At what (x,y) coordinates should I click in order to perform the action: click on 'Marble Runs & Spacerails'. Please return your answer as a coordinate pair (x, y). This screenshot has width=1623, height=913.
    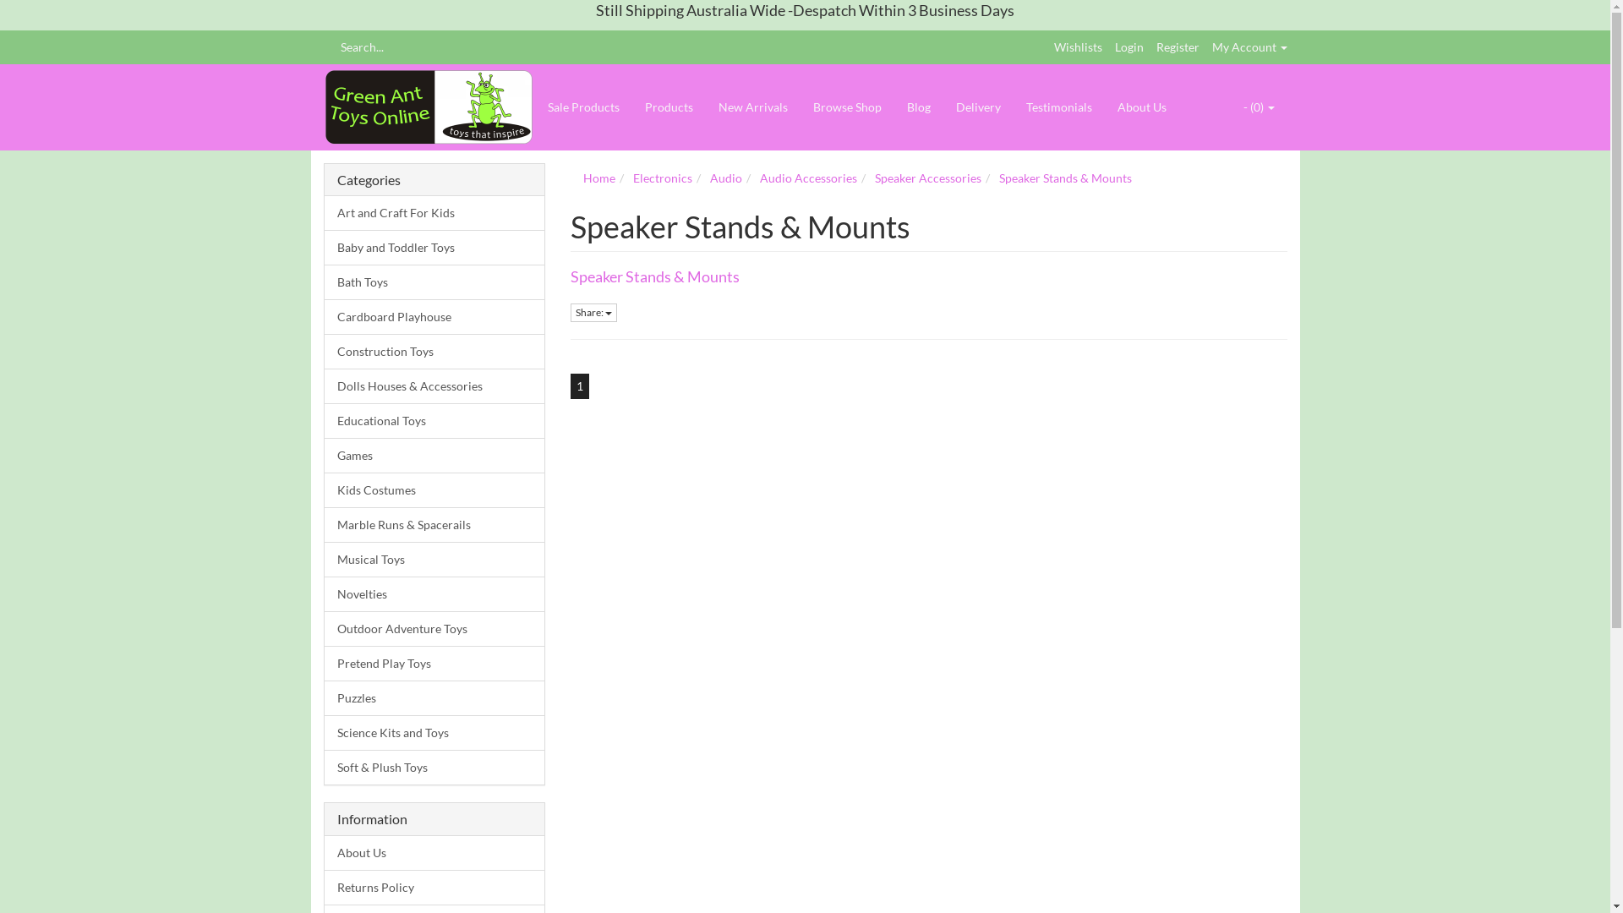
    Looking at the image, I should click on (434, 523).